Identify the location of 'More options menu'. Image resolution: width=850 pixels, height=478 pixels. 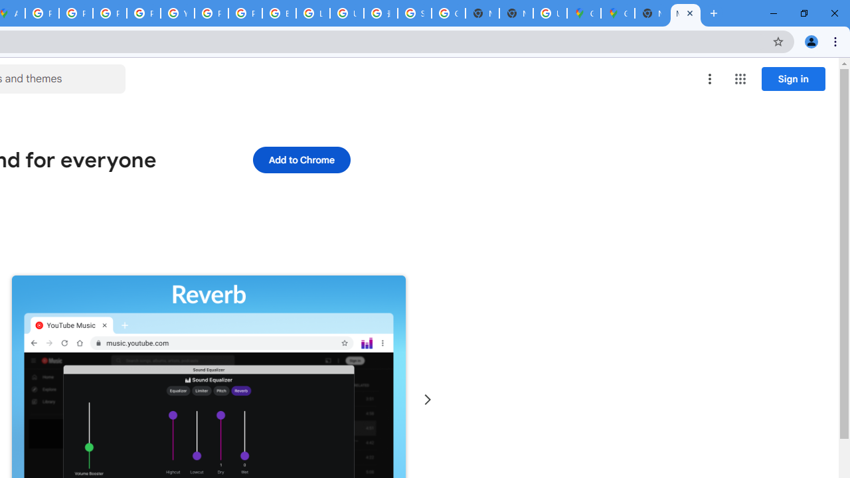
(709, 79).